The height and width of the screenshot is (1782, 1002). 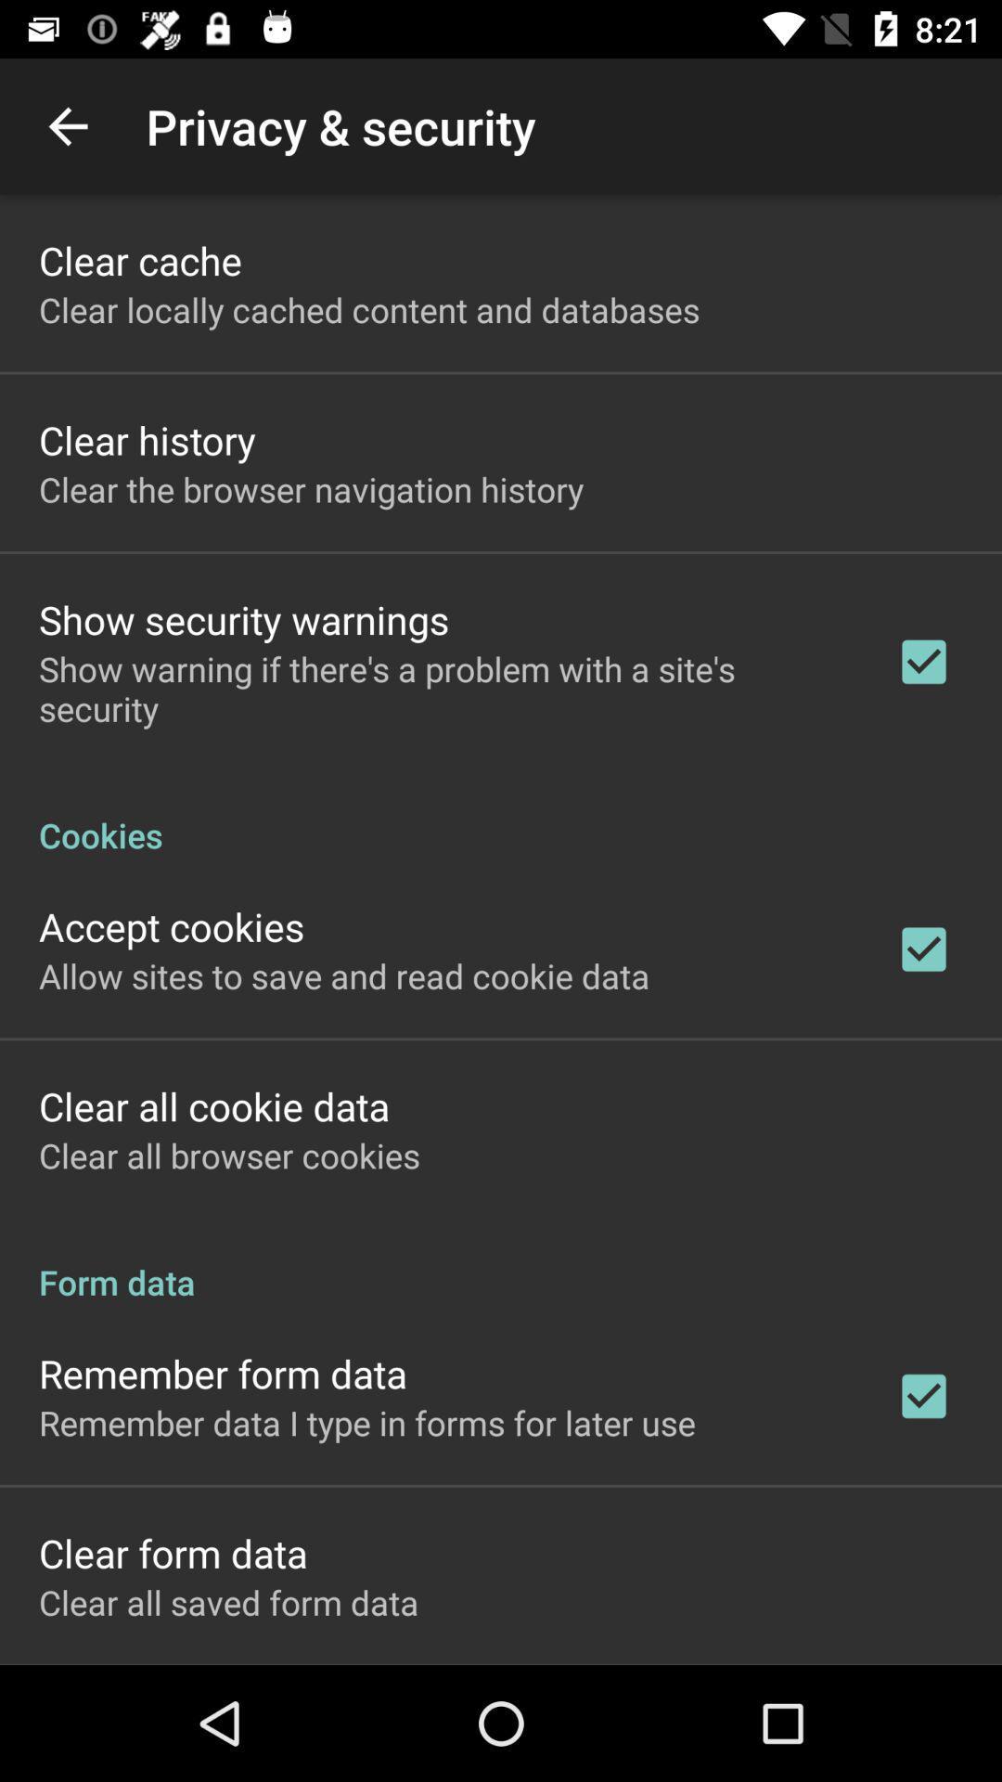 I want to click on accept cookies, so click(x=172, y=926).